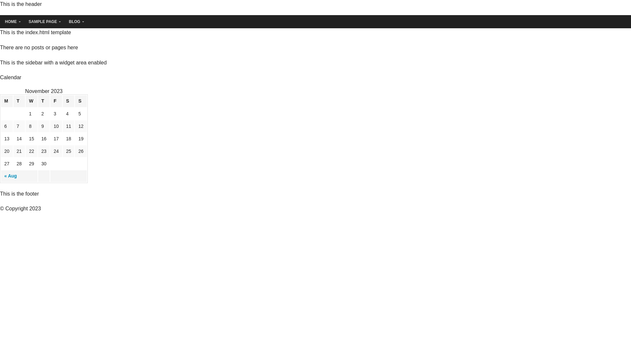 This screenshot has height=355, width=631. Describe the element at coordinates (75, 21) in the screenshot. I see `'BLOG'` at that location.